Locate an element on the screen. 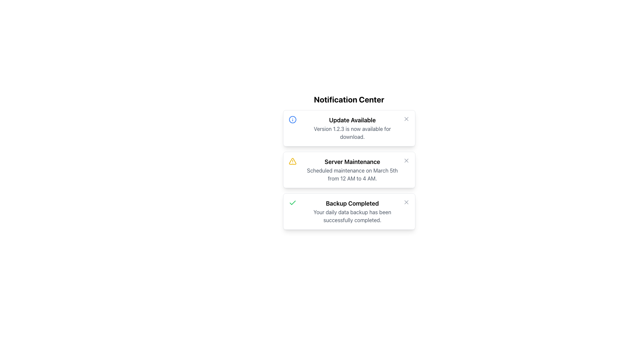  text displayed in the gray-colored font below the title 'Server Maintenance' within the card-style notification layout is located at coordinates (352, 174).